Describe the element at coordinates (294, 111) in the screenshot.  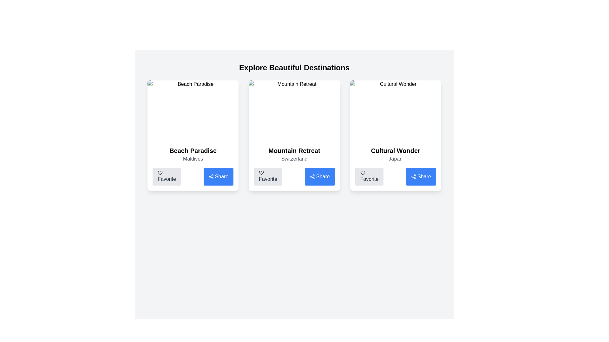
I see `the visual representation of the 'Mountain Retreat' location at the top of the card` at that location.